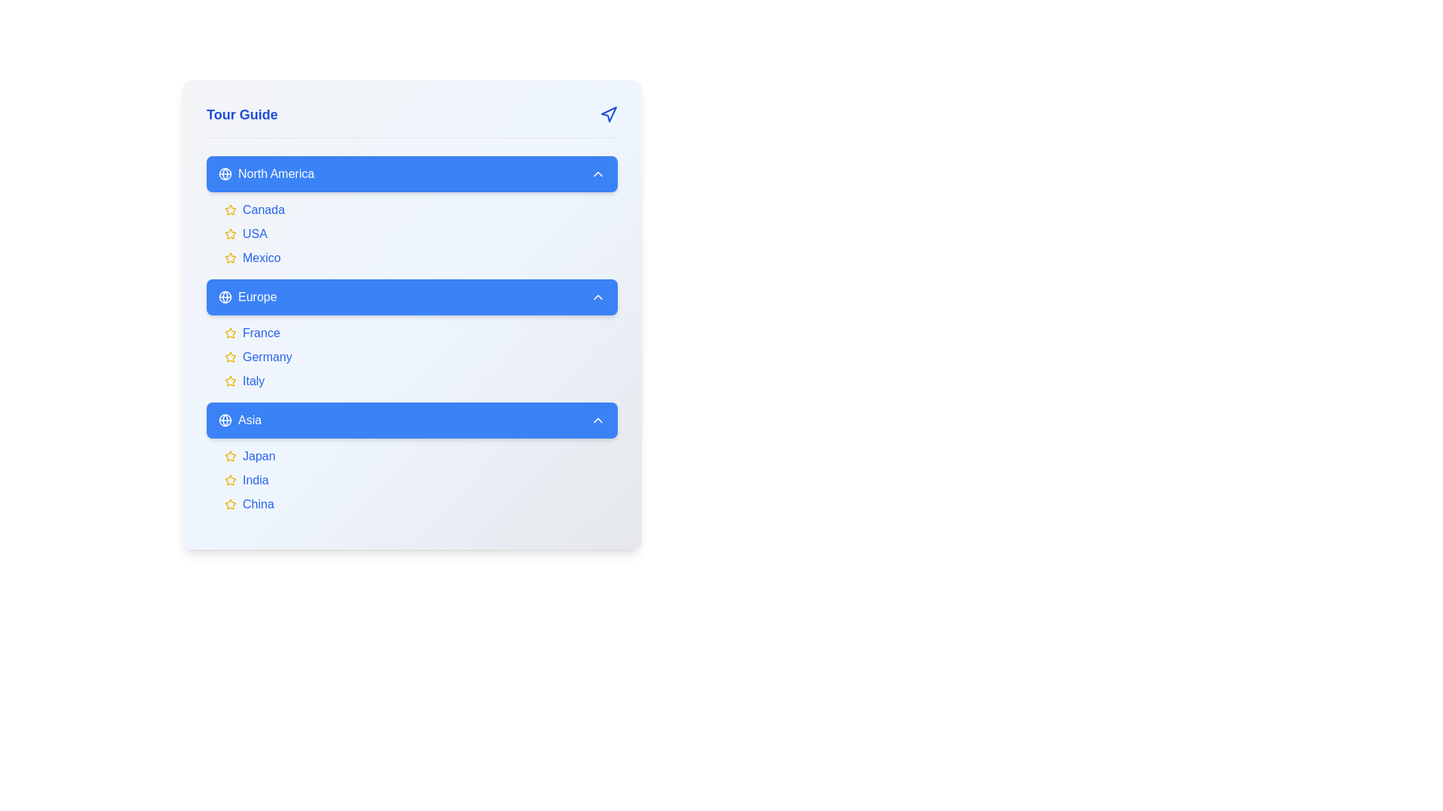 This screenshot has height=811, width=1443. What do you see at coordinates (230, 380) in the screenshot?
I see `the yellow five-pointed star icon indicating favorites or ratings located under the 'Europe' section, to the left of the text 'Italy'` at bounding box center [230, 380].